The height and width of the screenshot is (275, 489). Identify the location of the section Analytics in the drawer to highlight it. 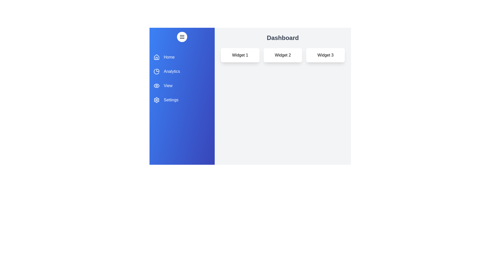
(182, 72).